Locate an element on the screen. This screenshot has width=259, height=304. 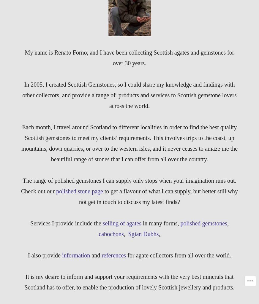
'cabochons' is located at coordinates (98, 234).